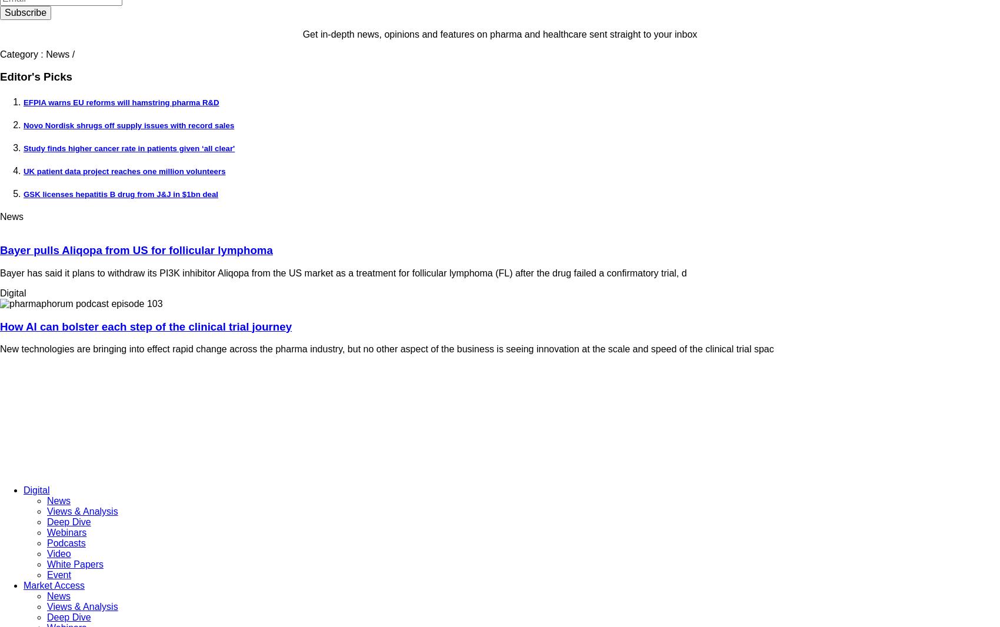 The width and height of the screenshot is (1000, 627). Describe the element at coordinates (65, 543) in the screenshot. I see `'Podcasts'` at that location.